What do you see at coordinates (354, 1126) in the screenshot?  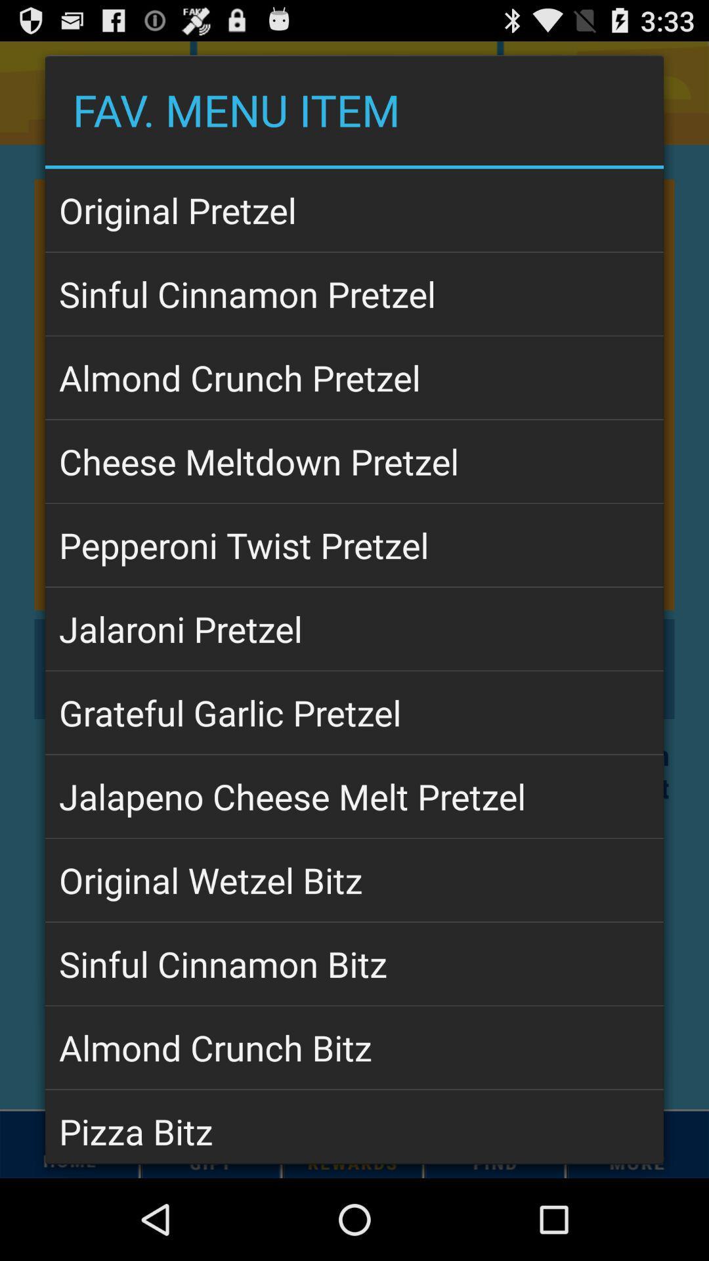 I see `pizza bitz app` at bounding box center [354, 1126].